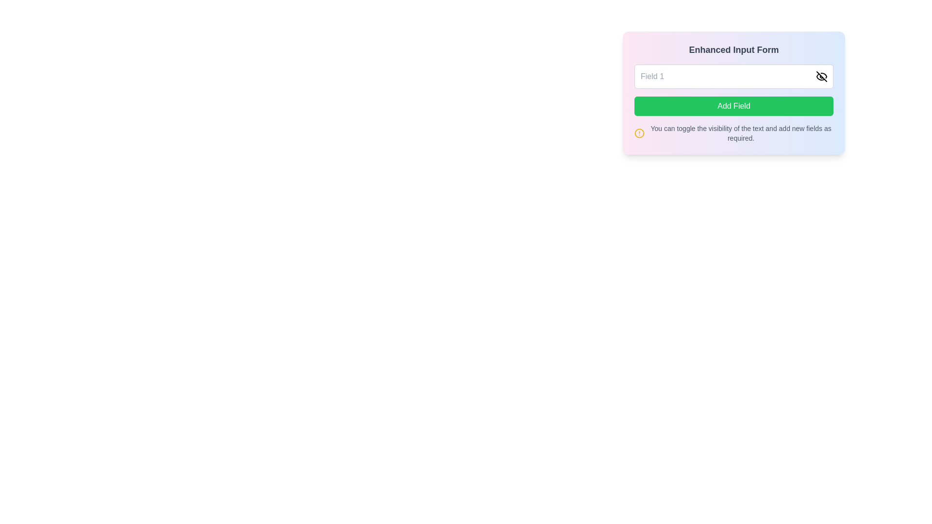  Describe the element at coordinates (821, 76) in the screenshot. I see `the visibility toggle icon, which resembles an eye with a diagonal line through it, located to the far right of the 'Field 1' text-input field` at that location.